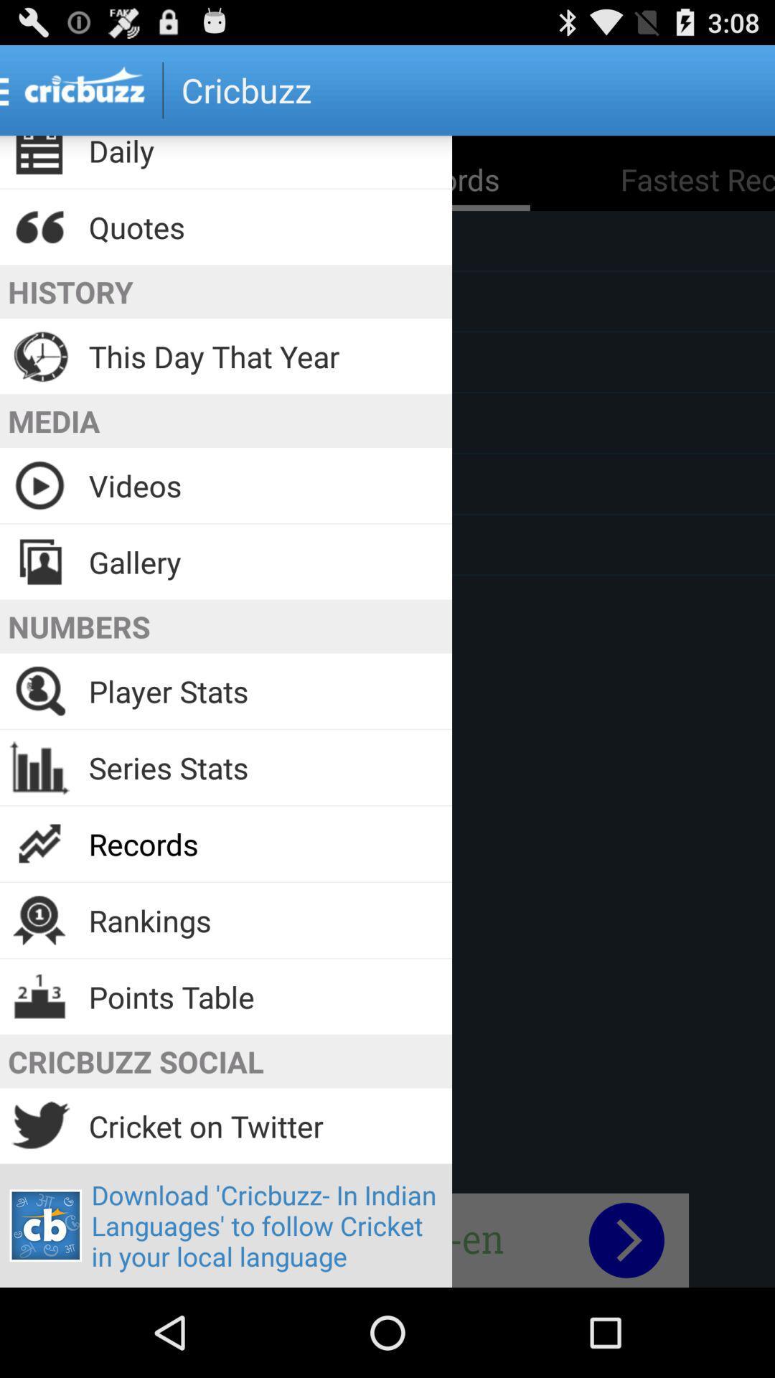  What do you see at coordinates (45, 1225) in the screenshot?
I see `the icon below twitter icon` at bounding box center [45, 1225].